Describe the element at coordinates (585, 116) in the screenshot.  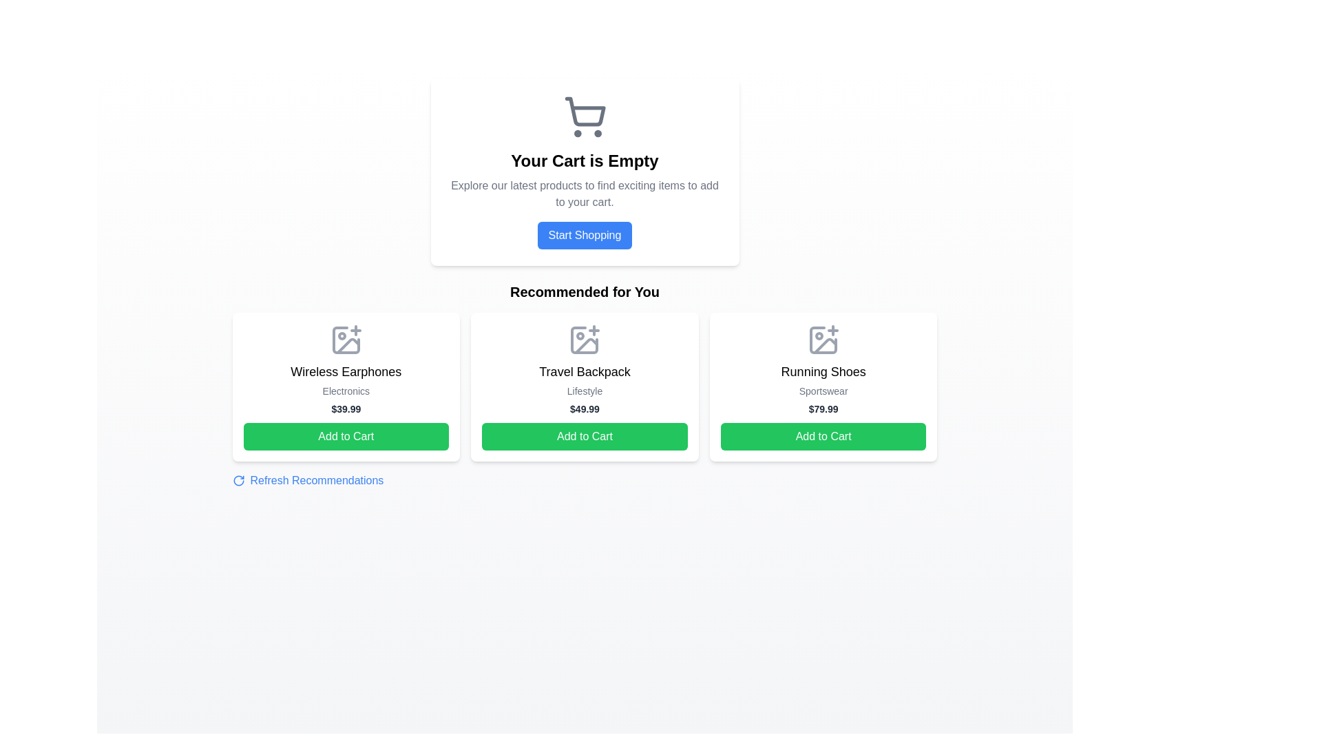
I see `the shopping cart icon that symbolizes an empty cart, located at the top-center of a white card above the text 'Your Cart is Empty'` at that location.